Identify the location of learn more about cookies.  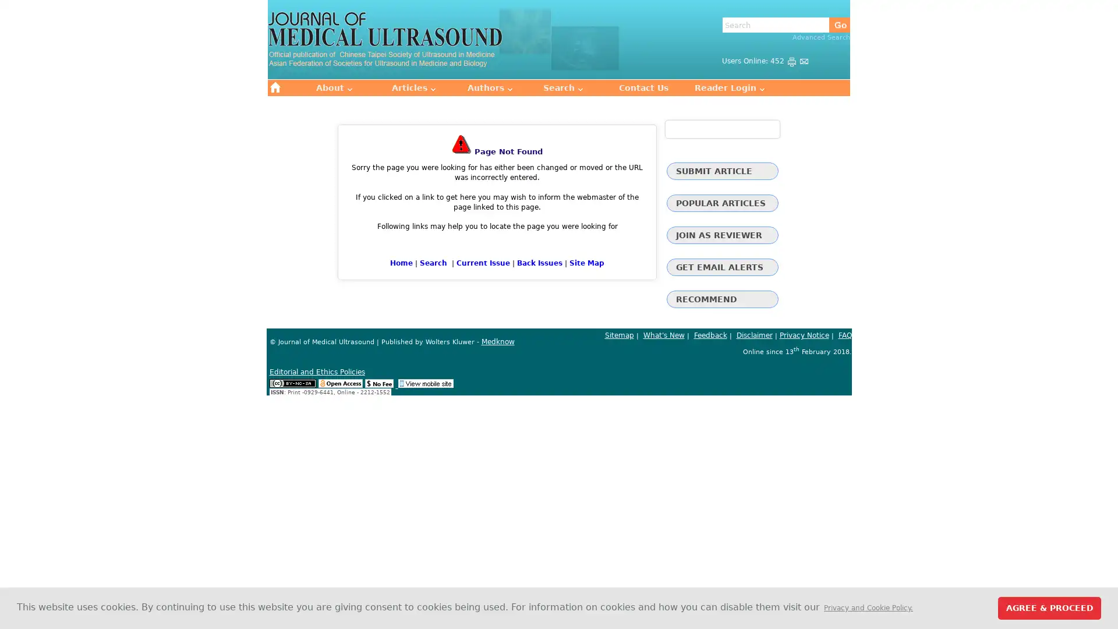
(868, 607).